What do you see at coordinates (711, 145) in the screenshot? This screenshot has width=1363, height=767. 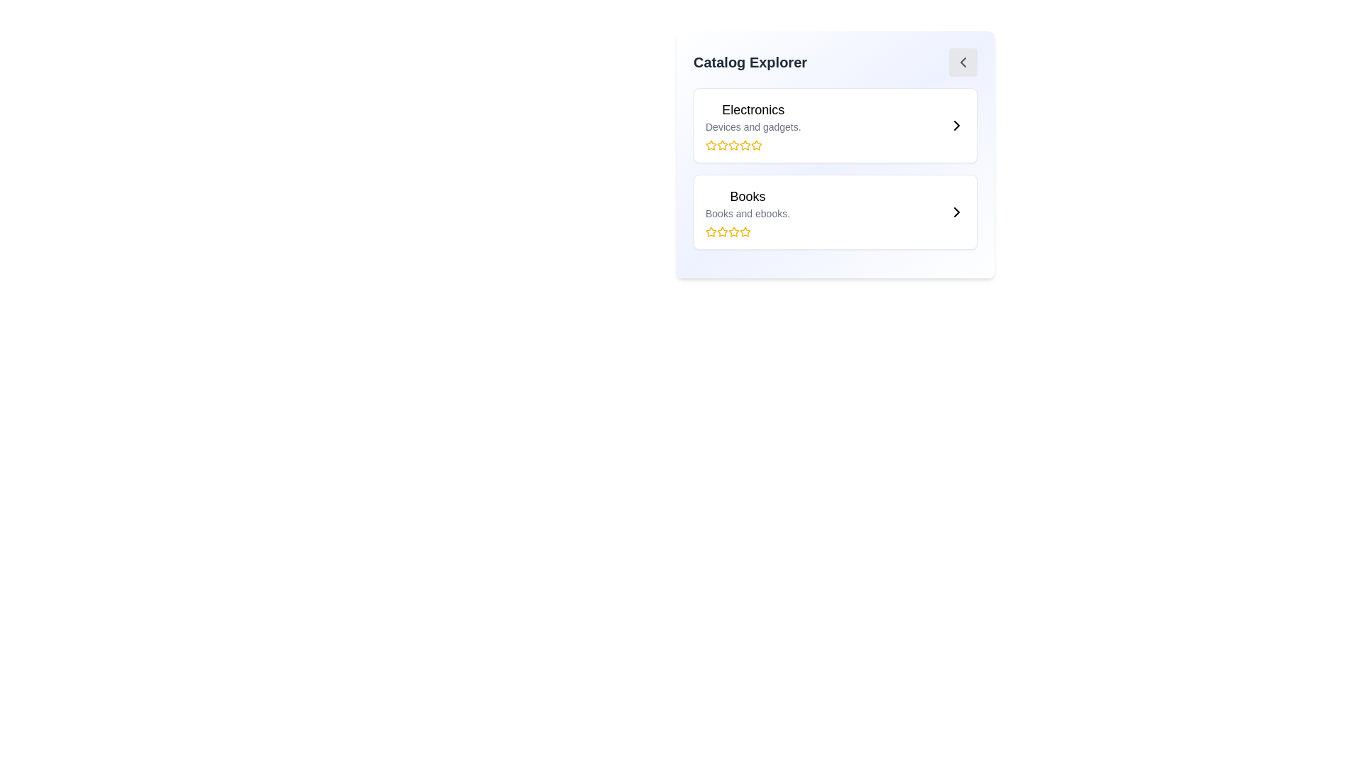 I see `the first star icon with a yellow outline in the 'Electronics' item card, which is part of a rating system` at bounding box center [711, 145].